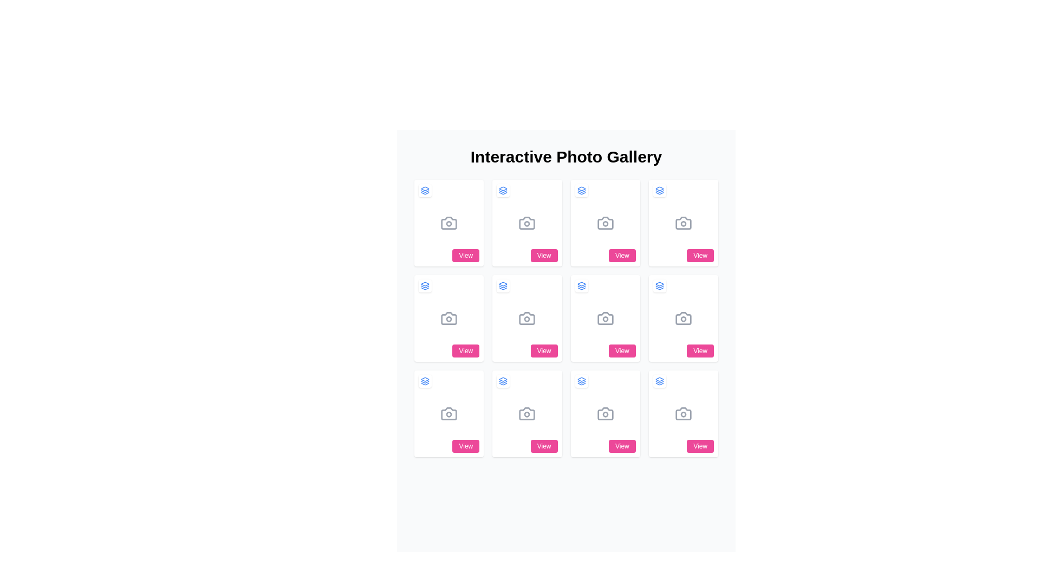  Describe the element at coordinates (527, 317) in the screenshot. I see `the second card in the second row of the interactive photo gallery that represents a specific photo item` at that location.